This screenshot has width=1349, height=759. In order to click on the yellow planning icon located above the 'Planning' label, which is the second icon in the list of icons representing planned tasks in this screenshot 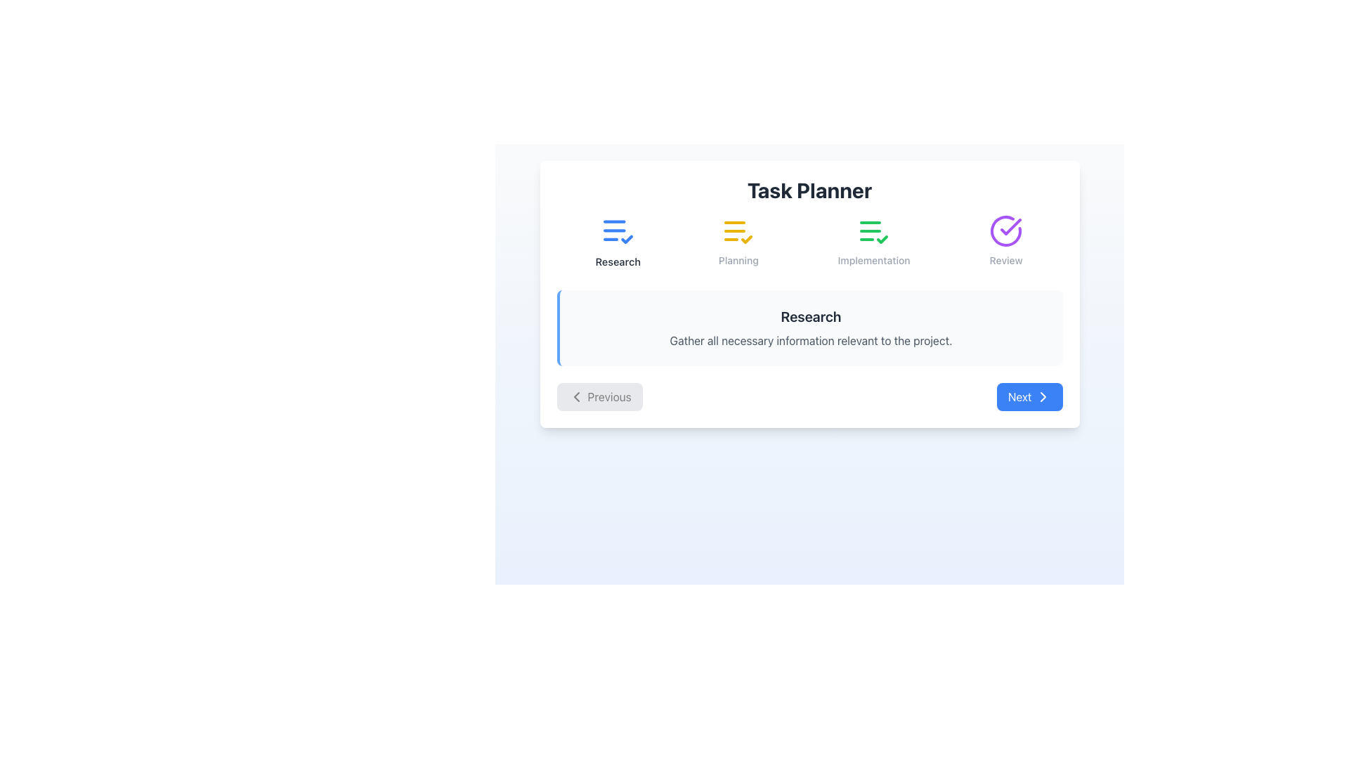, I will do `click(738, 230)`.